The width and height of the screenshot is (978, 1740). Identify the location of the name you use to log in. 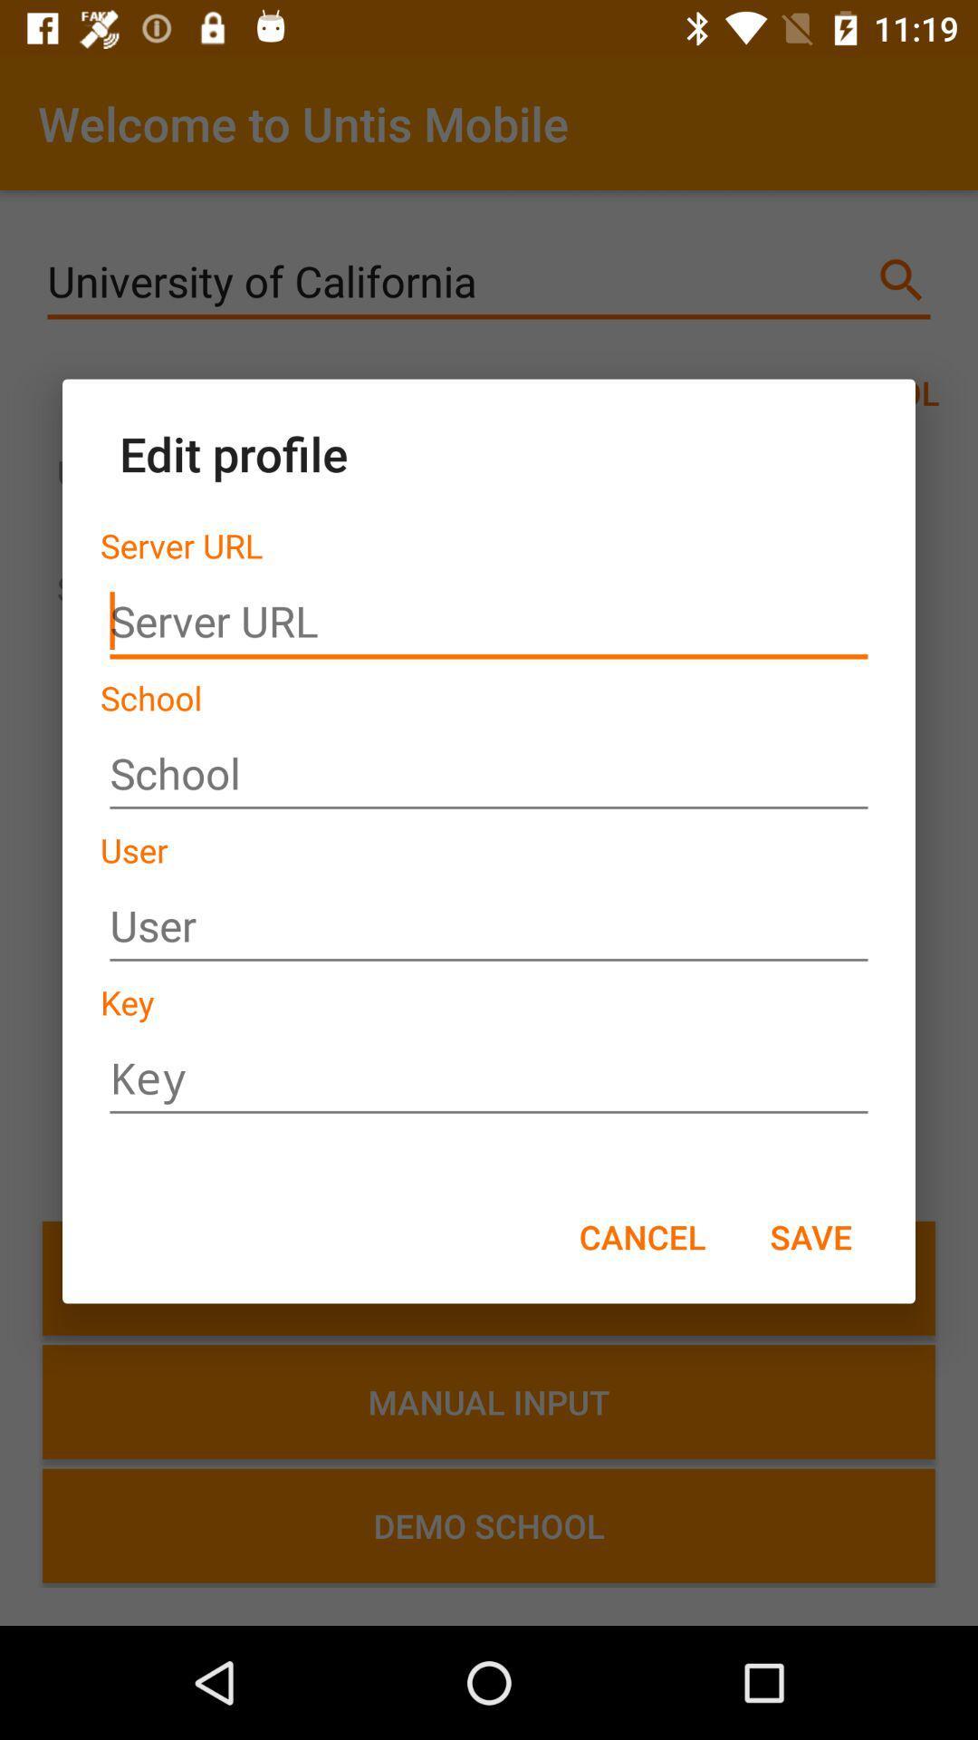
(489, 926).